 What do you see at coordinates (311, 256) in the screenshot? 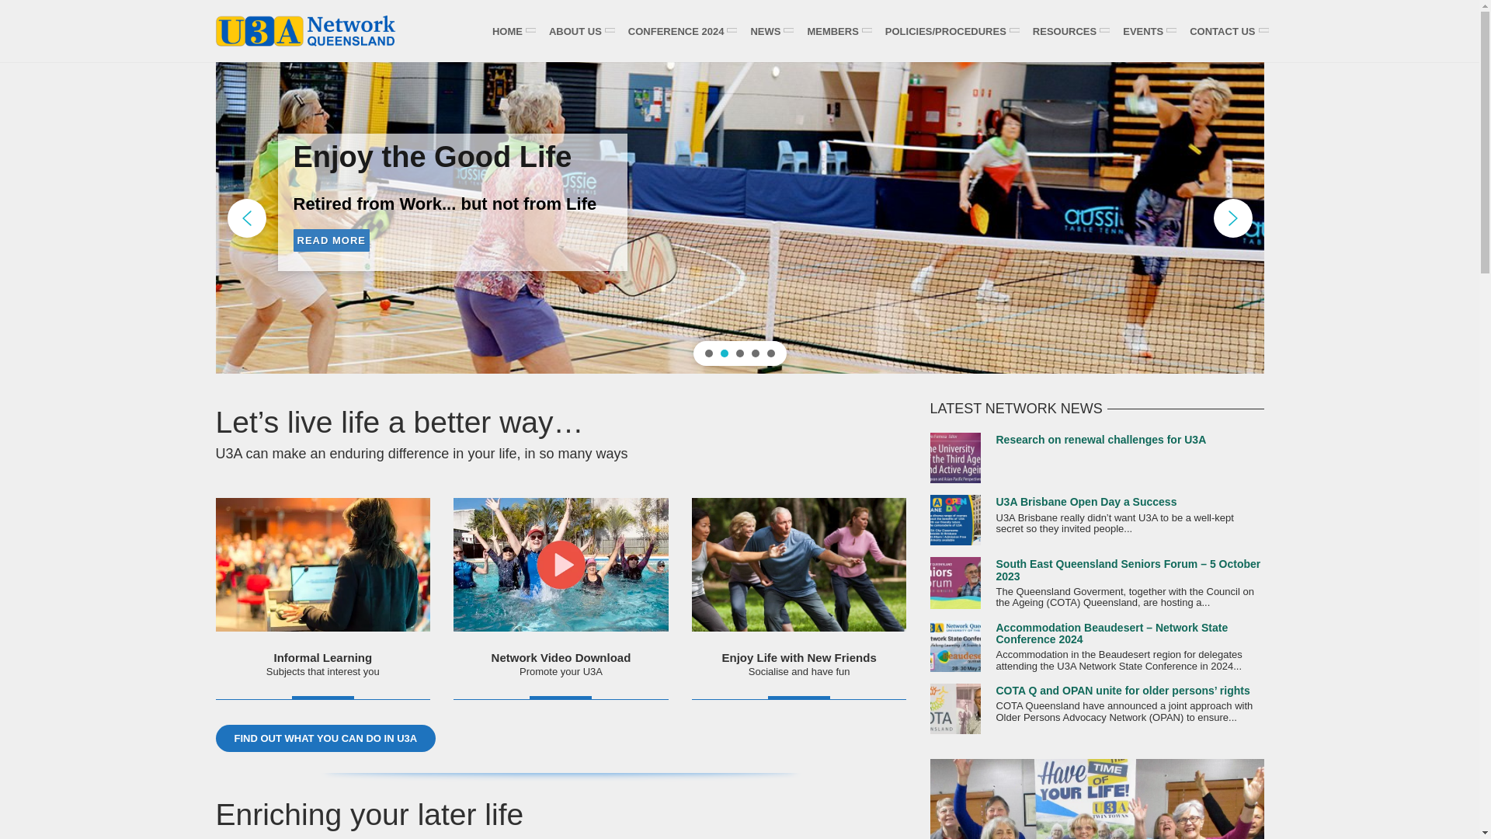
I see `'READ MORE'` at bounding box center [311, 256].